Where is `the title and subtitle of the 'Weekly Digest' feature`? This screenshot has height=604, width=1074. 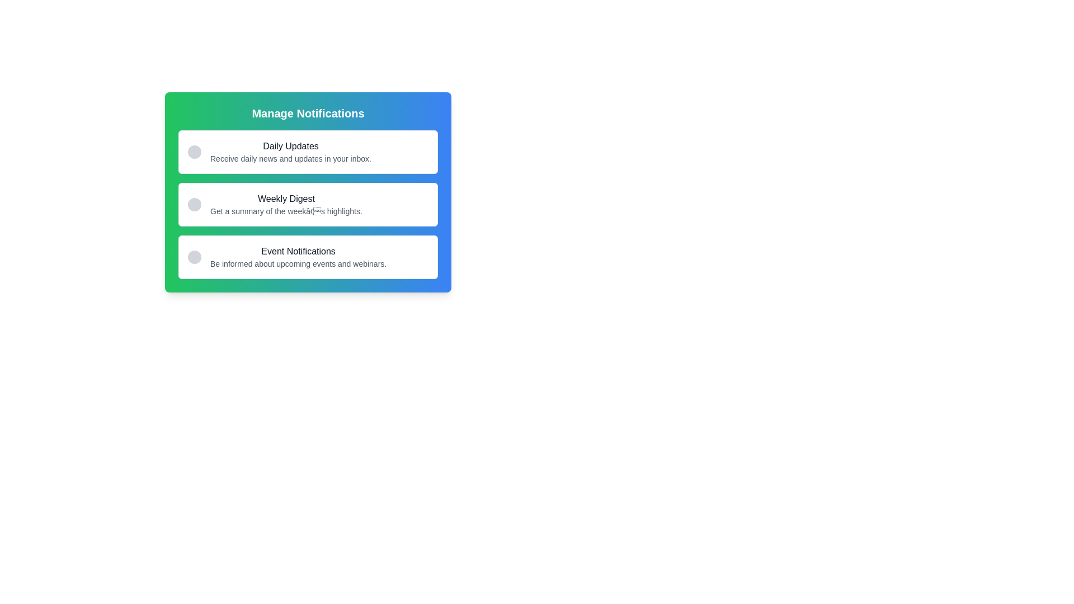
the title and subtitle of the 'Weekly Digest' feature is located at coordinates (286, 205).